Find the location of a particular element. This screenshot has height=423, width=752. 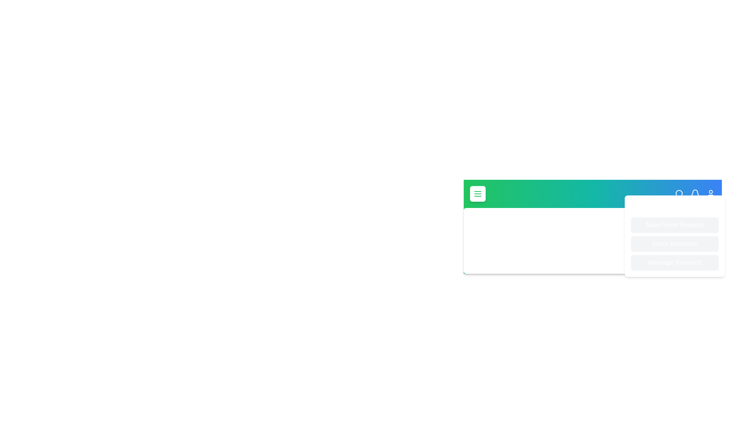

the user icon to open the user-related actions menu is located at coordinates (710, 193).